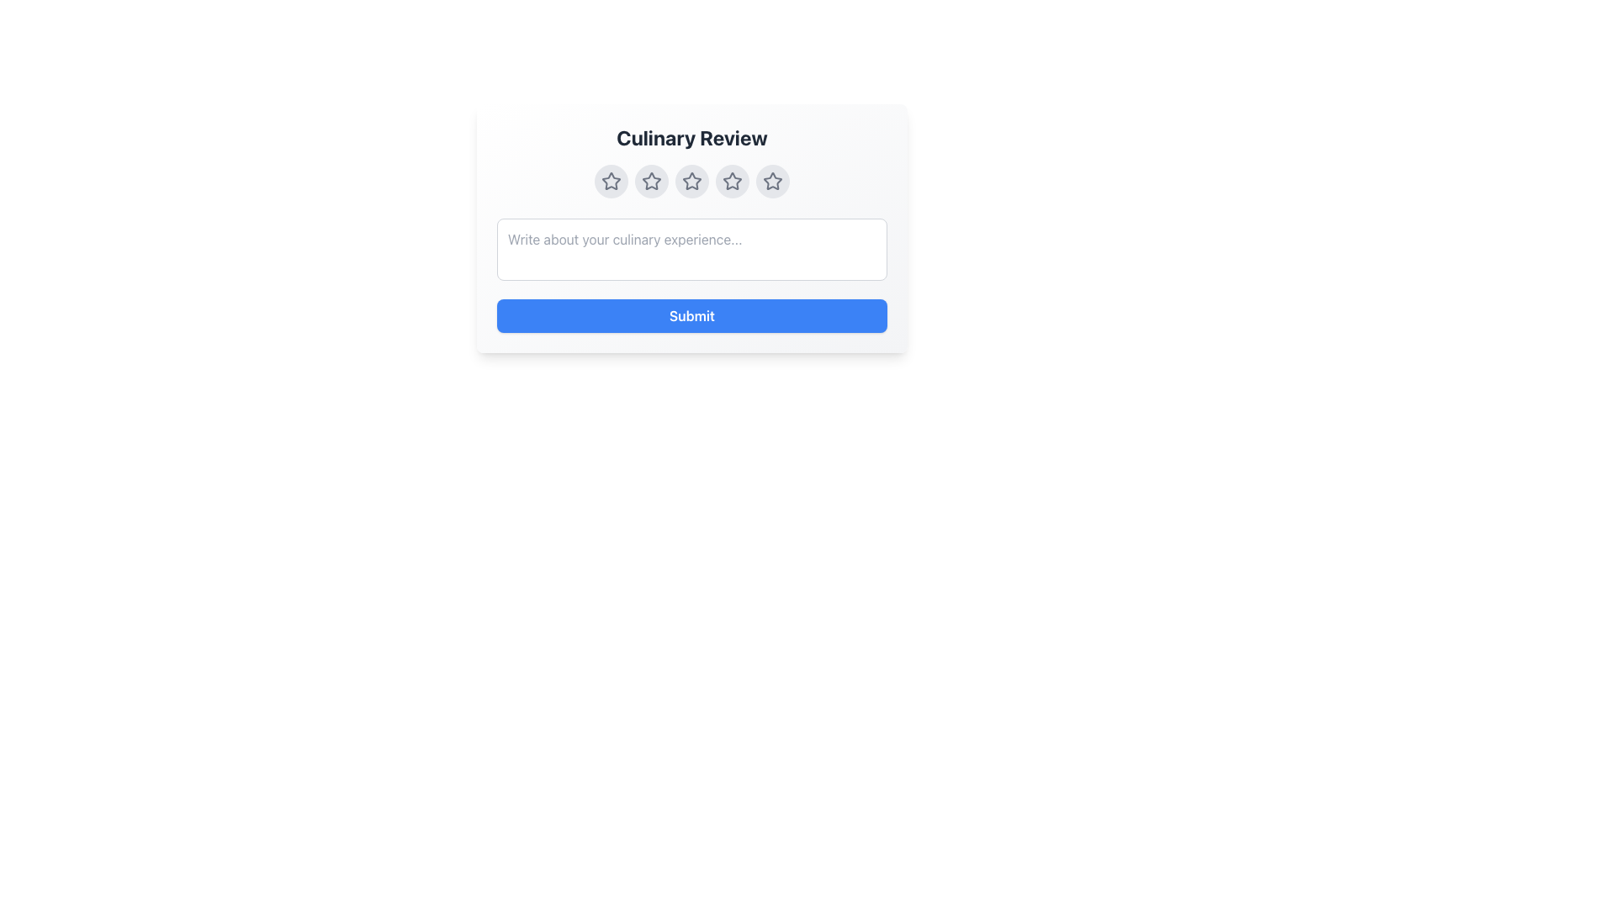 The width and height of the screenshot is (1615, 908). What do you see at coordinates (650, 182) in the screenshot?
I see `the second star icon in the star rating component` at bounding box center [650, 182].